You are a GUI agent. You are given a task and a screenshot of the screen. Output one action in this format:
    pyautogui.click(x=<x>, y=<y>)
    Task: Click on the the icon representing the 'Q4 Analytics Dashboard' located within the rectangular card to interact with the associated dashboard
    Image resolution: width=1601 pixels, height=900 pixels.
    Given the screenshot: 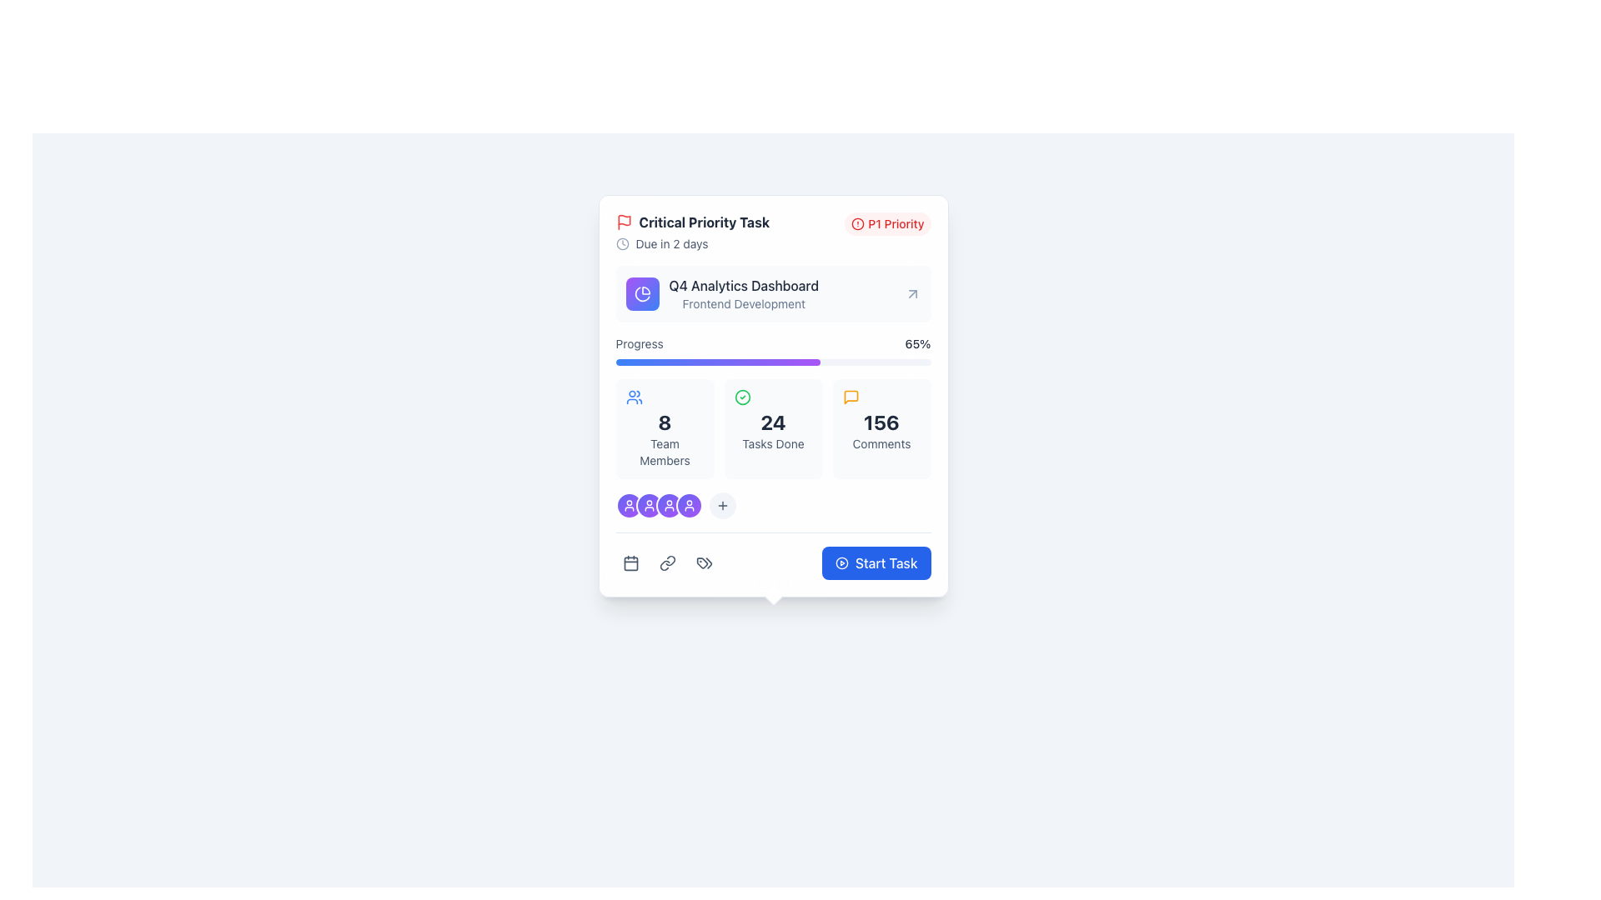 What is the action you would take?
    pyautogui.click(x=641, y=293)
    